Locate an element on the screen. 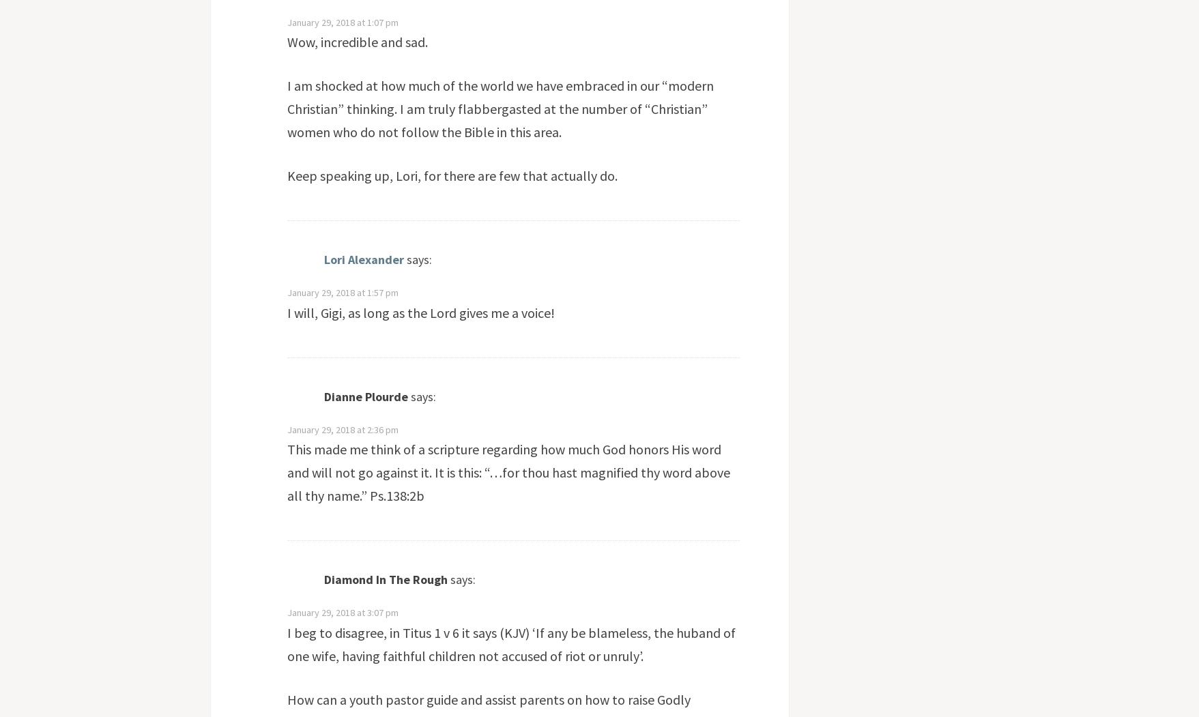  'January 29, 2018 at 1:07 pm' is located at coordinates (341, 21).